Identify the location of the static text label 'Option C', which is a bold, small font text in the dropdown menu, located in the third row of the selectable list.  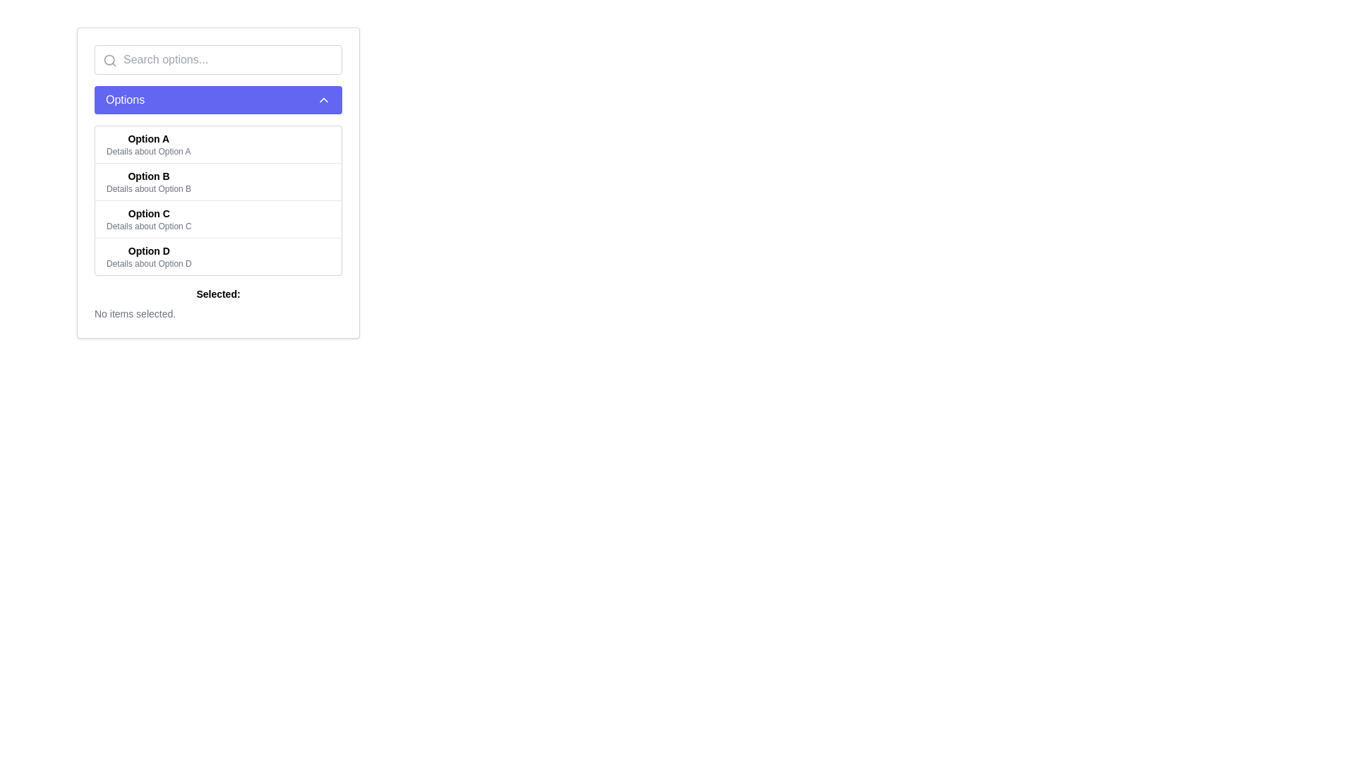
(149, 214).